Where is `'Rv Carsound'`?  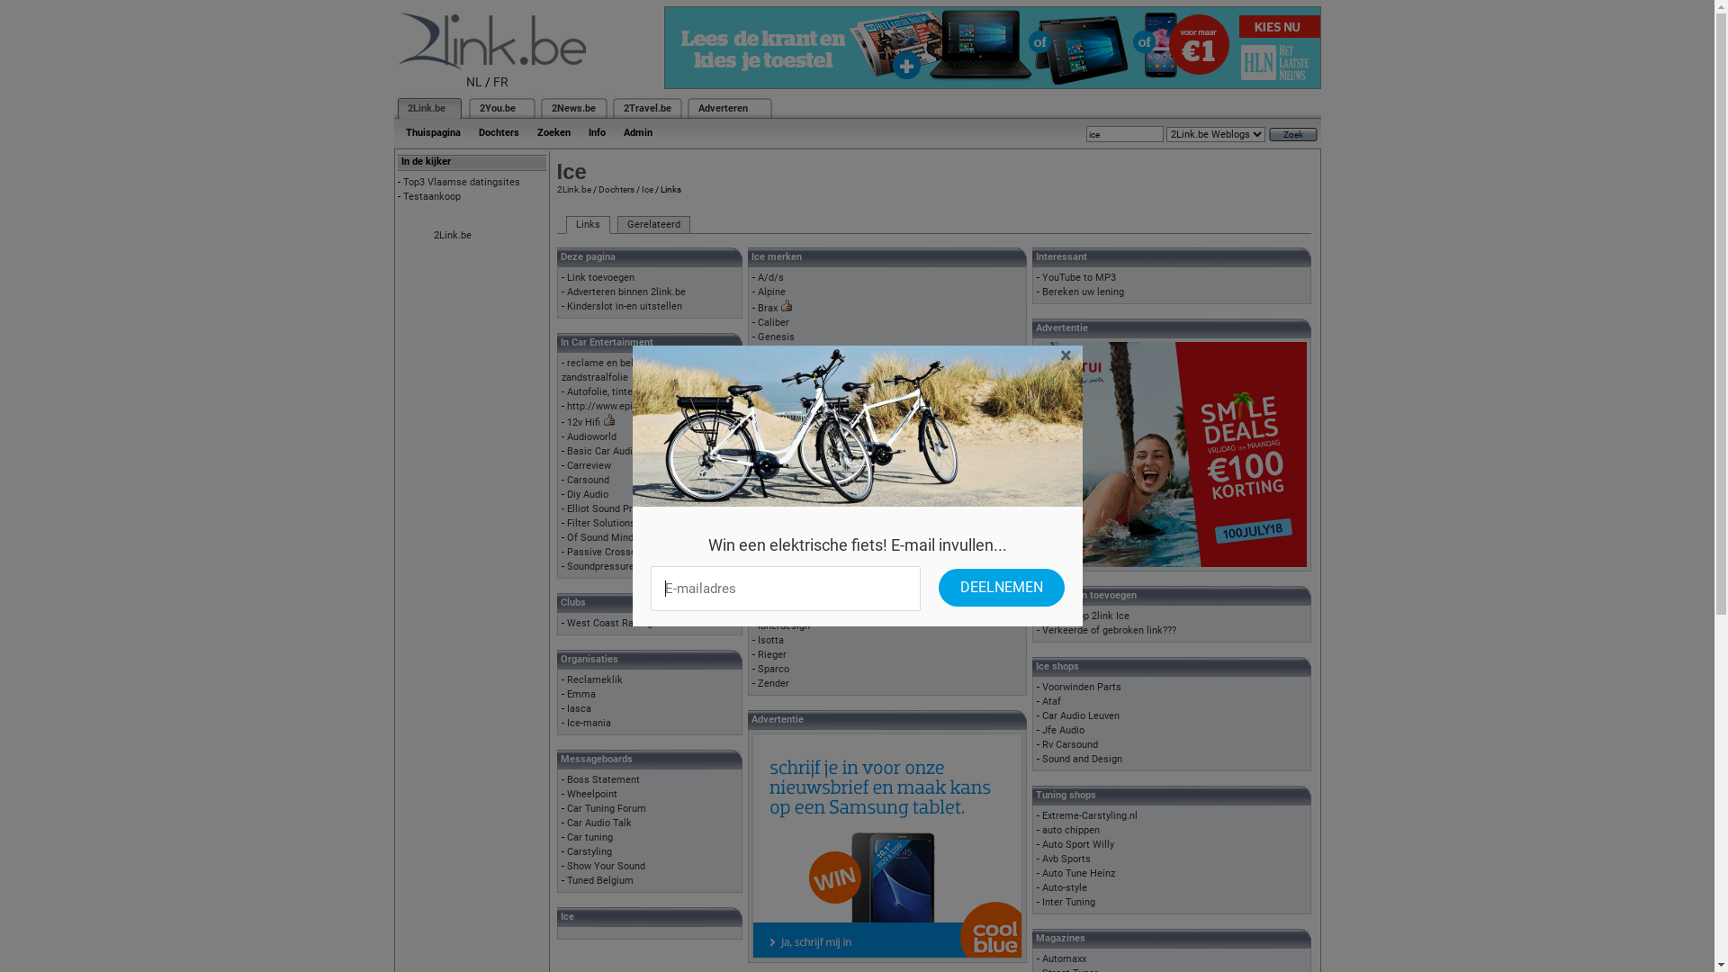
'Rv Carsound' is located at coordinates (1070, 744).